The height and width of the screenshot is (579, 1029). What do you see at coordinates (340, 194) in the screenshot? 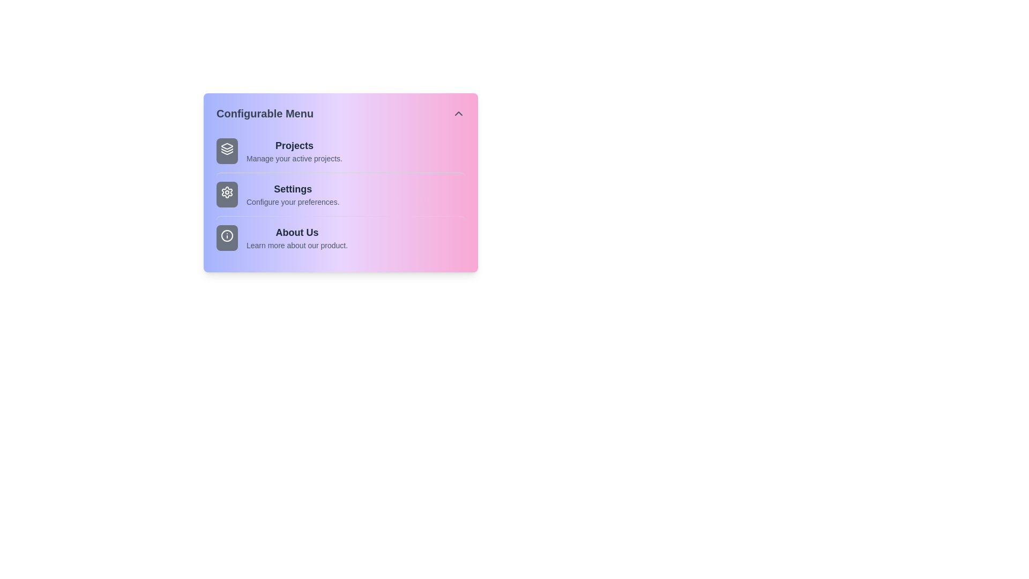
I see `the menu item Settings by clicking on it` at bounding box center [340, 194].